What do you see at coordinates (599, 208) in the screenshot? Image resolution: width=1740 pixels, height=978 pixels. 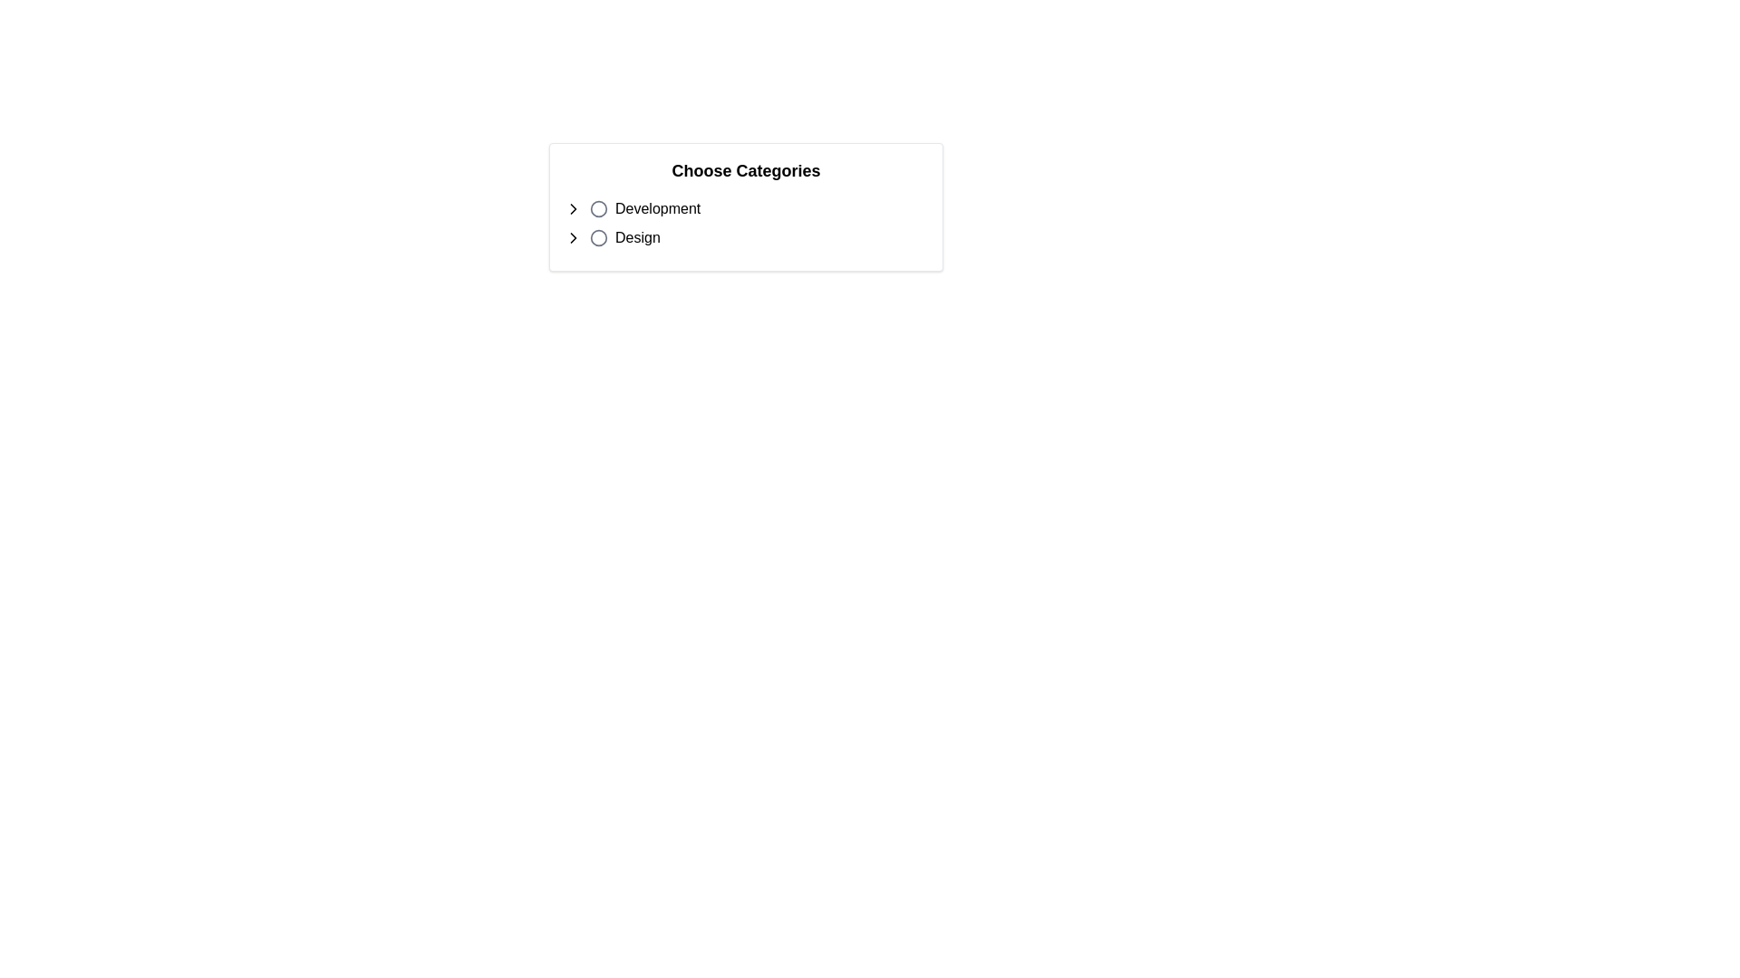 I see `the radio button styled as a circular button with a gray outline, located next to the text 'Development'` at bounding box center [599, 208].